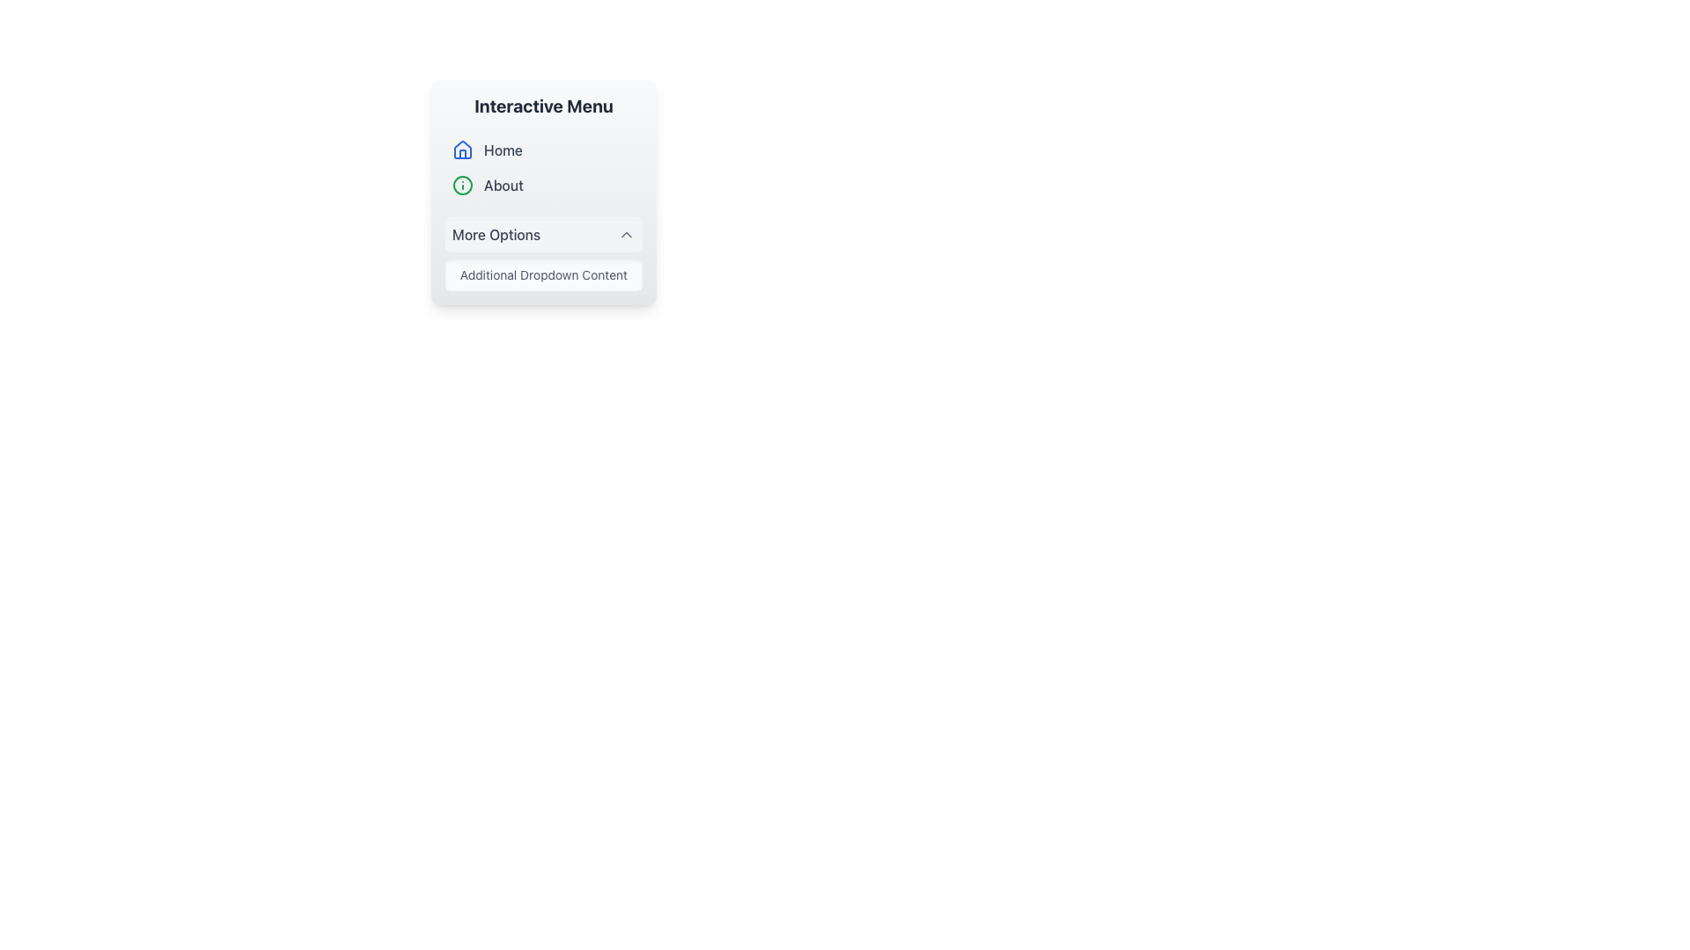 This screenshot has width=1690, height=950. Describe the element at coordinates (626, 233) in the screenshot. I see `the Chevron Icon located at the far right of the 'More Options' button to trigger a tooltip or visual change` at that location.